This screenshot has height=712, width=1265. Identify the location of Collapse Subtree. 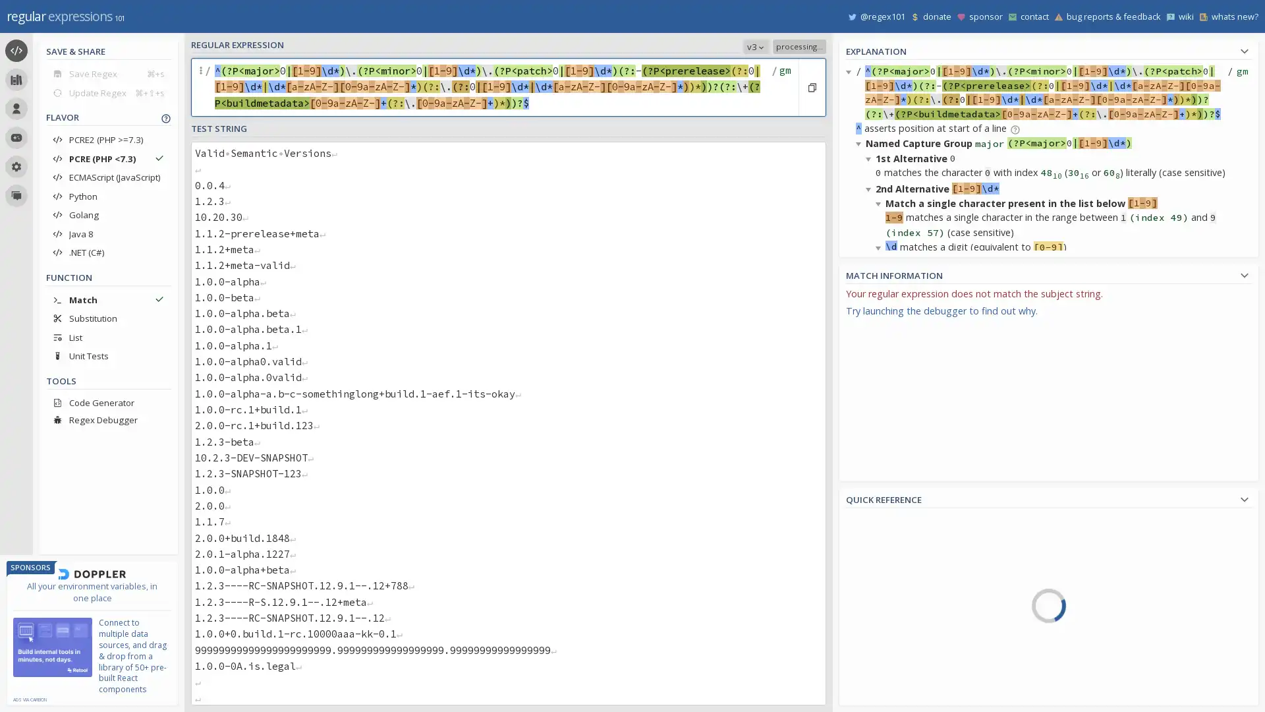
(880, 367).